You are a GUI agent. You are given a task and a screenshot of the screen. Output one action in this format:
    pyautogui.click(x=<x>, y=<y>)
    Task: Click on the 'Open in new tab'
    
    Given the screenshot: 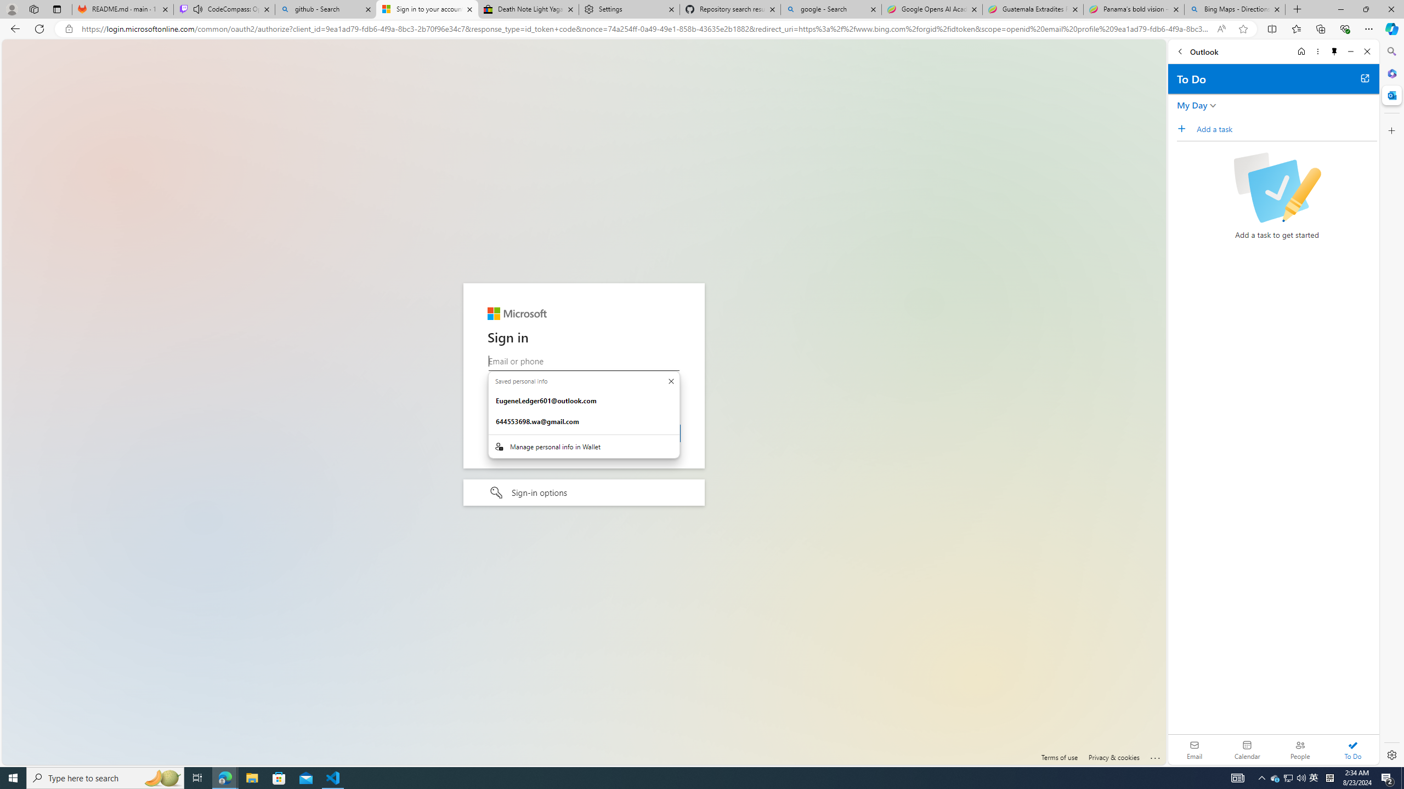 What is the action you would take?
    pyautogui.click(x=1364, y=77)
    